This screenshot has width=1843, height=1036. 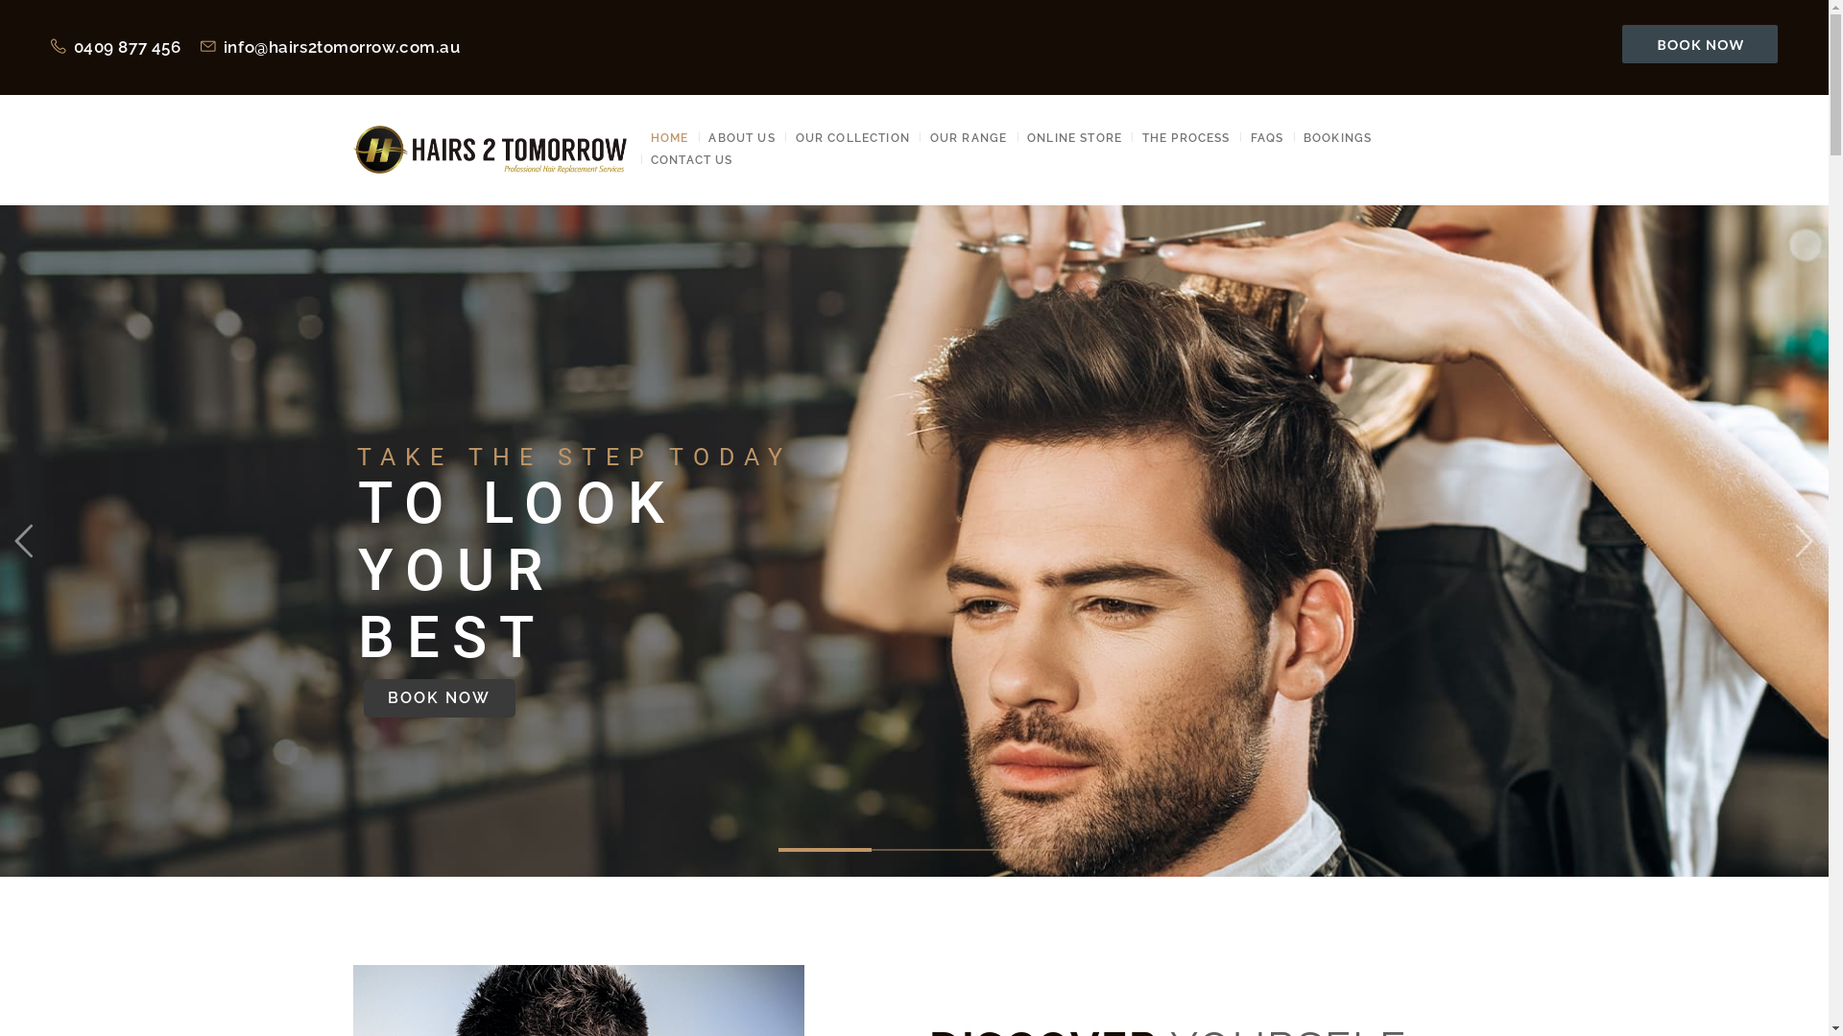 What do you see at coordinates (201, 46) in the screenshot?
I see `'info@hairs2tomorrow.com.au'` at bounding box center [201, 46].